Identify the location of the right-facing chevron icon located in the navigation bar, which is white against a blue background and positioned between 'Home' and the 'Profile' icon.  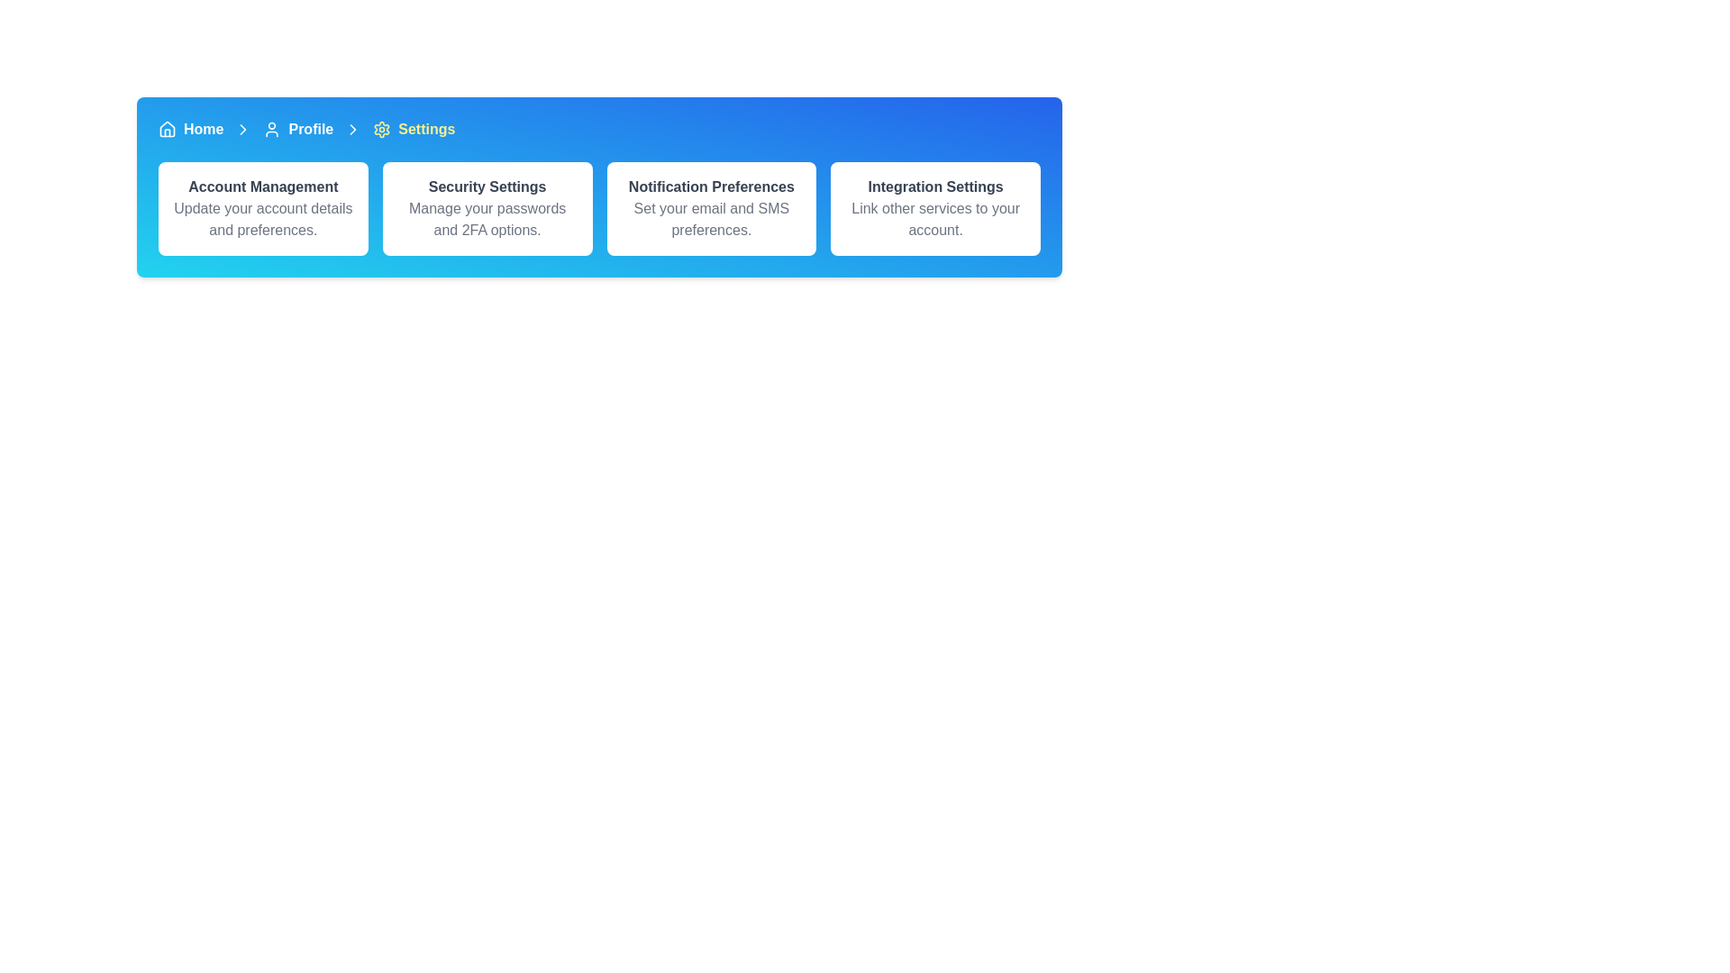
(242, 128).